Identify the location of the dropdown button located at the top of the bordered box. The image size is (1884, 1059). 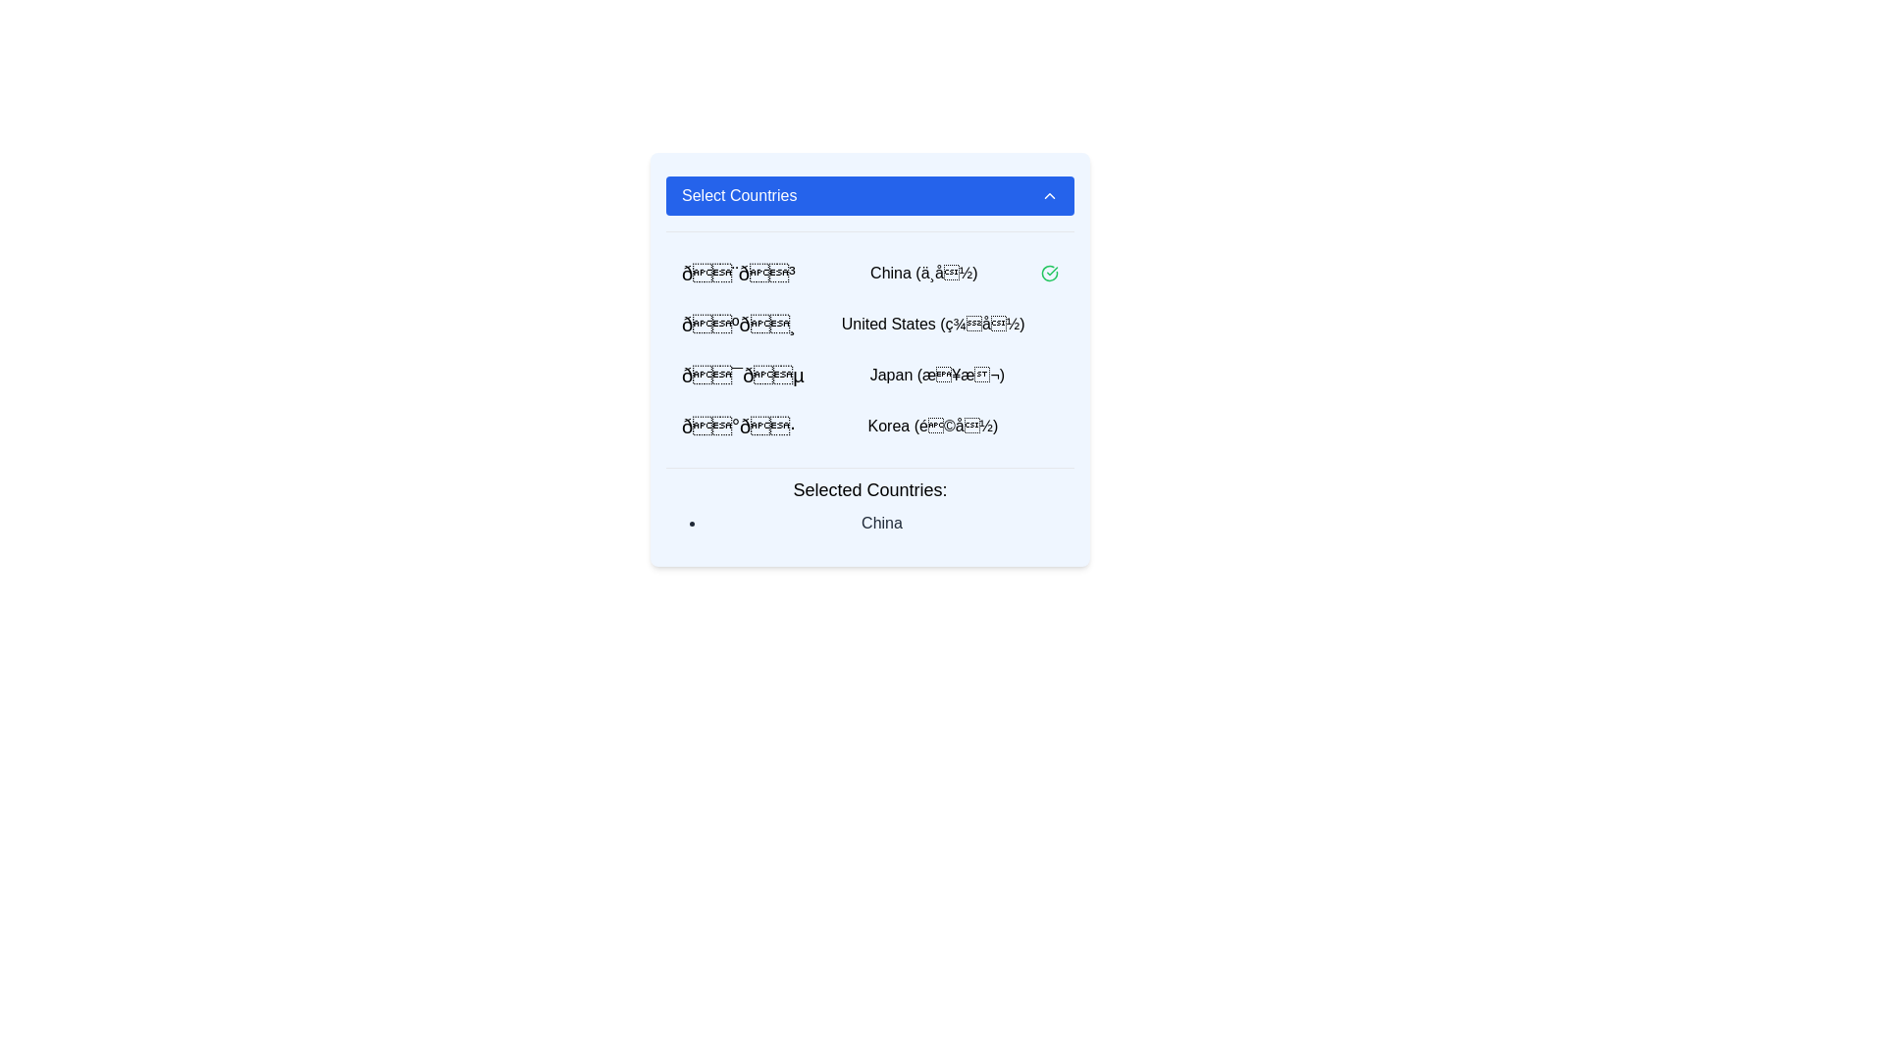
(869, 196).